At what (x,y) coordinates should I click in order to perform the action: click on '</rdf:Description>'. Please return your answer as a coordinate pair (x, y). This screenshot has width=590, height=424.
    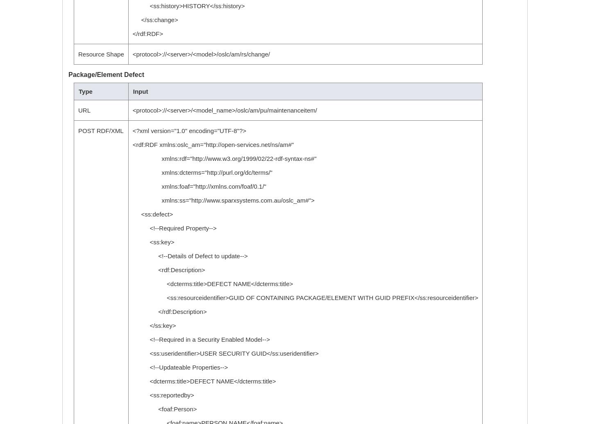
    Looking at the image, I should click on (169, 311).